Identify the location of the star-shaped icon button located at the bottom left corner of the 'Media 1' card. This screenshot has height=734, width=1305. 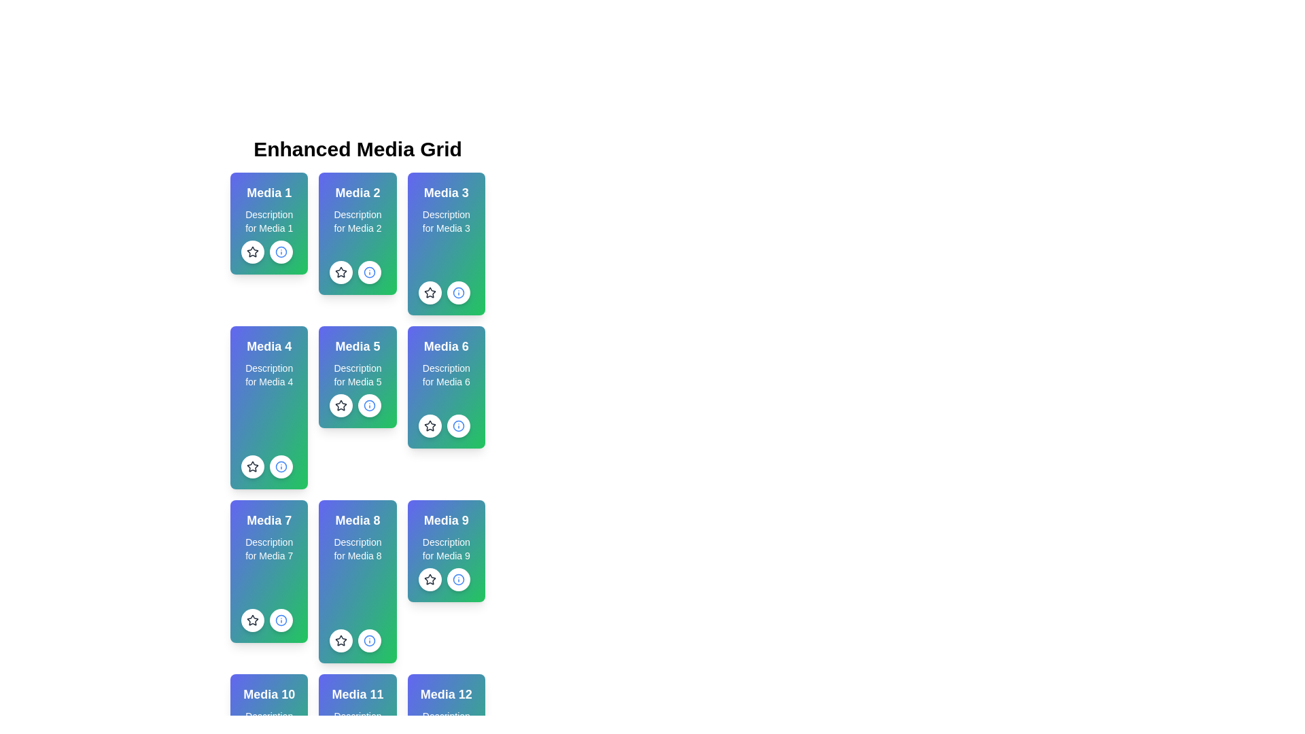
(253, 251).